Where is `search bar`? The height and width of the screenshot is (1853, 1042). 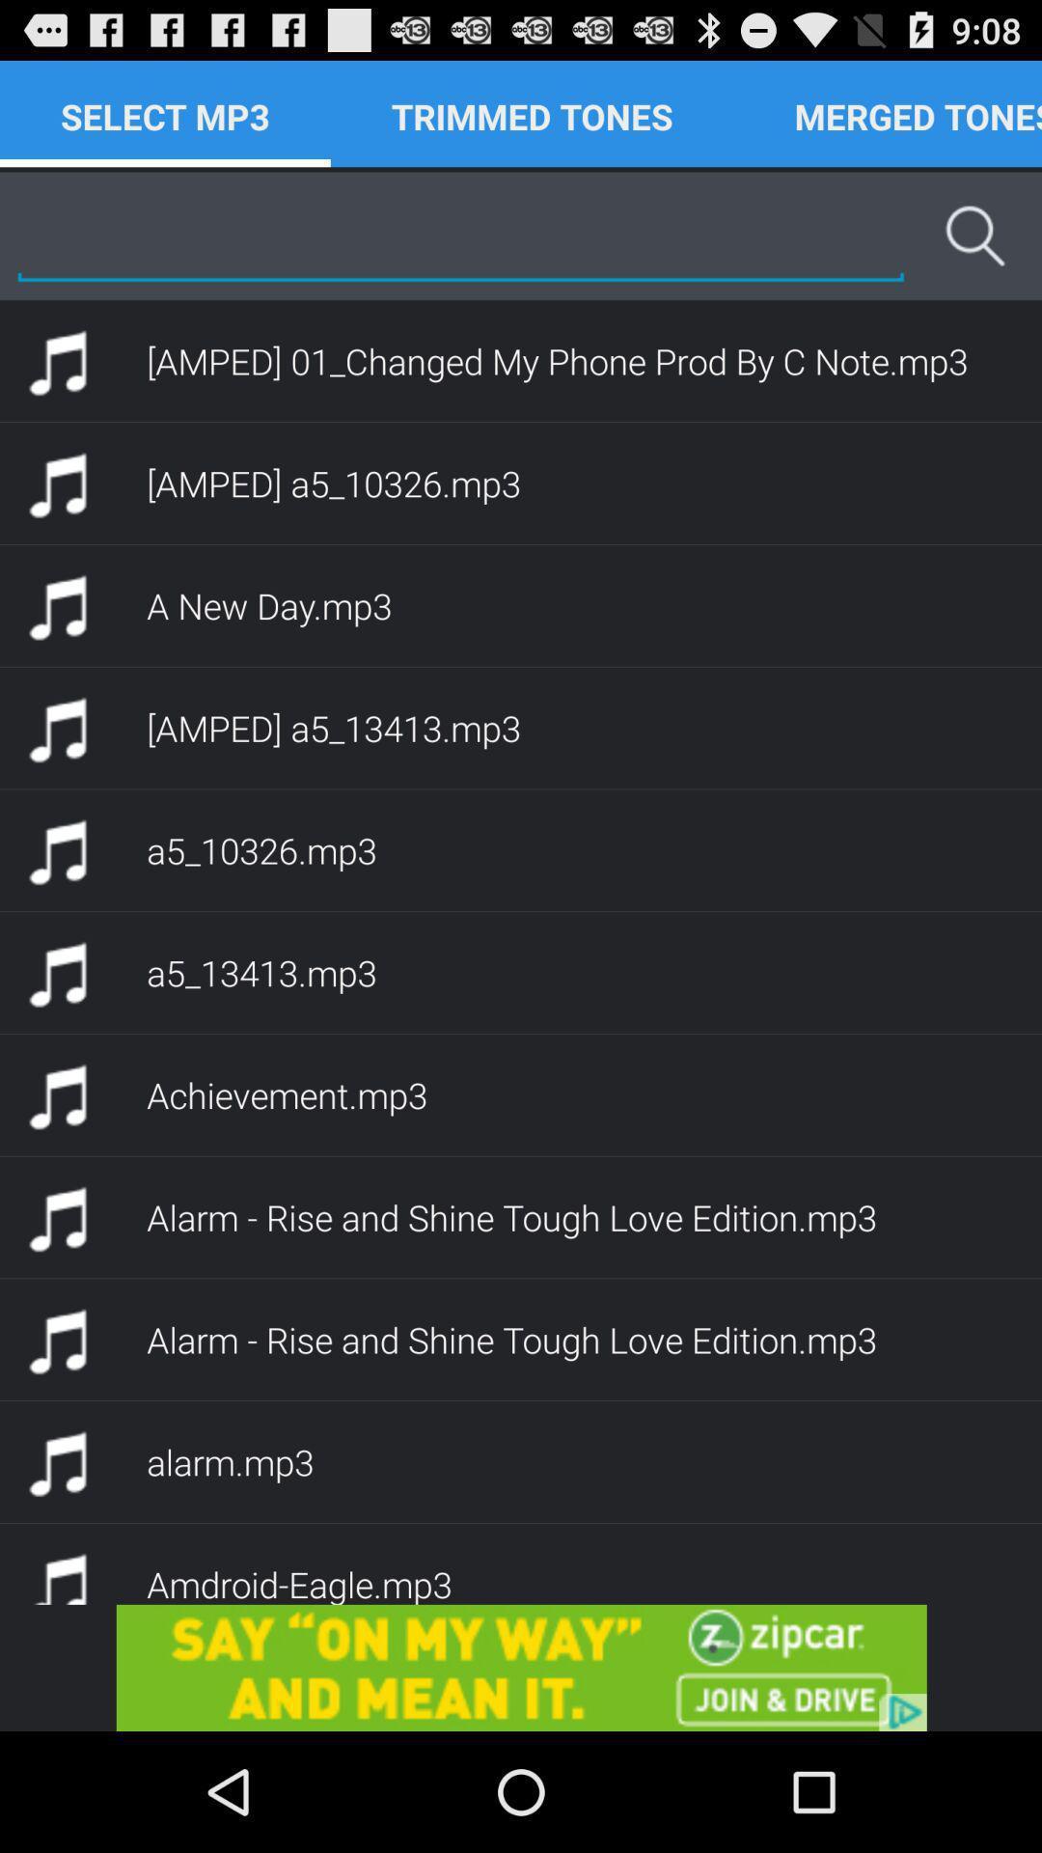 search bar is located at coordinates (460, 235).